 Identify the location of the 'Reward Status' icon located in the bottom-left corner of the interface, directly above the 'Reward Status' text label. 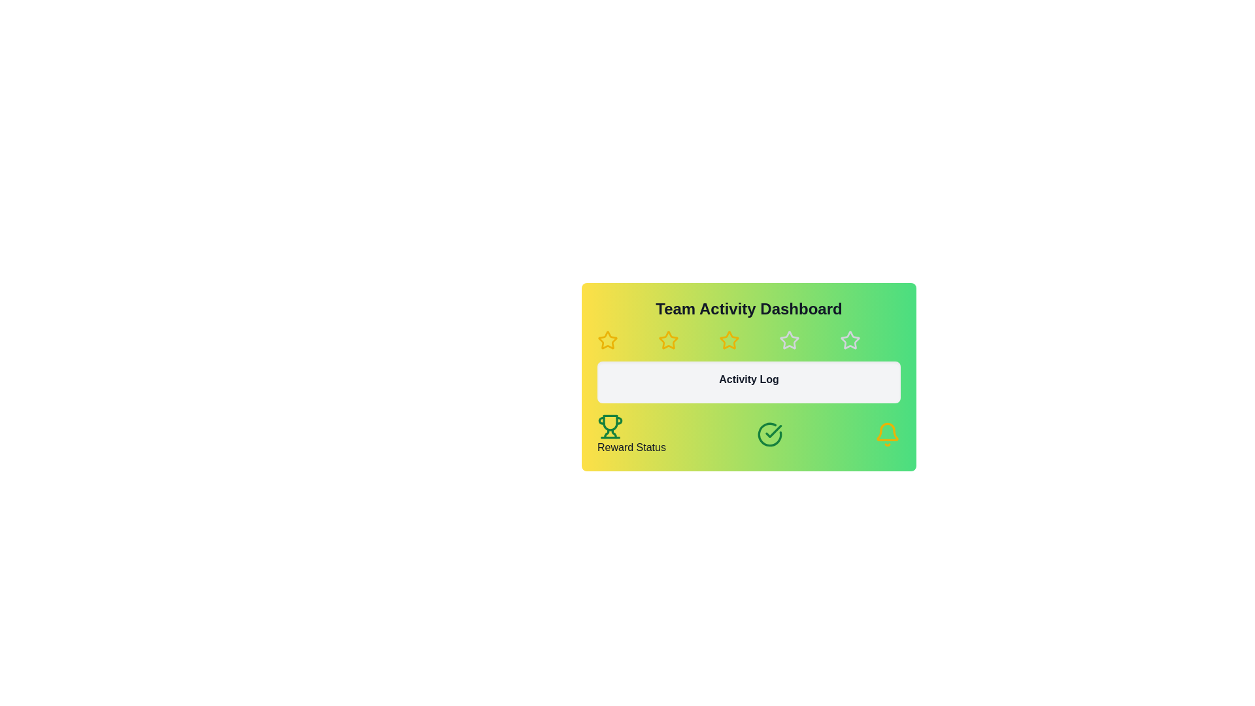
(610, 426).